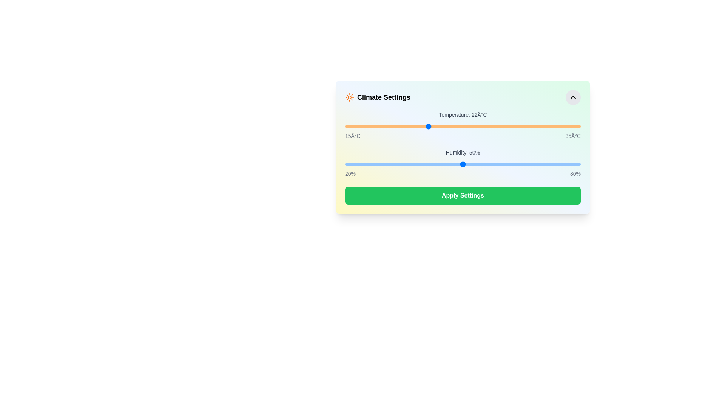 Image resolution: width=725 pixels, height=408 pixels. Describe the element at coordinates (537, 164) in the screenshot. I see `humidity` at that location.